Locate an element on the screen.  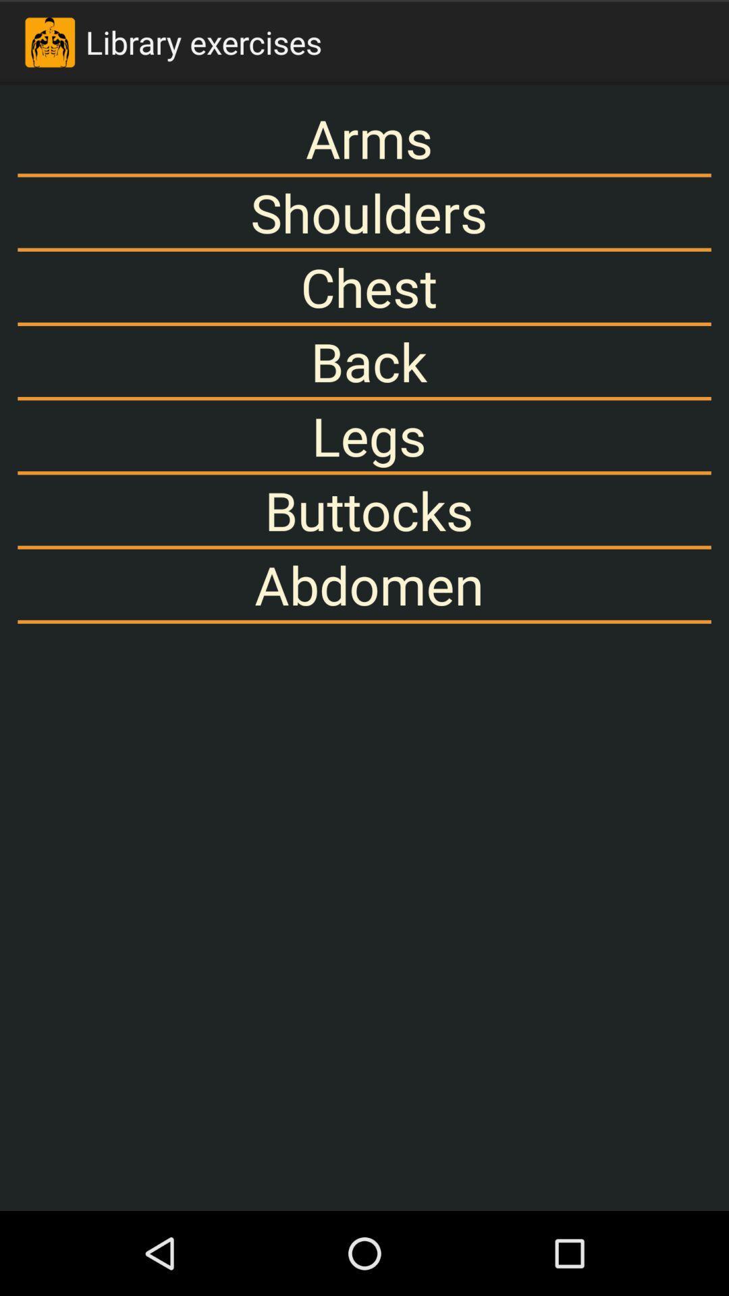
the item above the back icon is located at coordinates (364, 286).